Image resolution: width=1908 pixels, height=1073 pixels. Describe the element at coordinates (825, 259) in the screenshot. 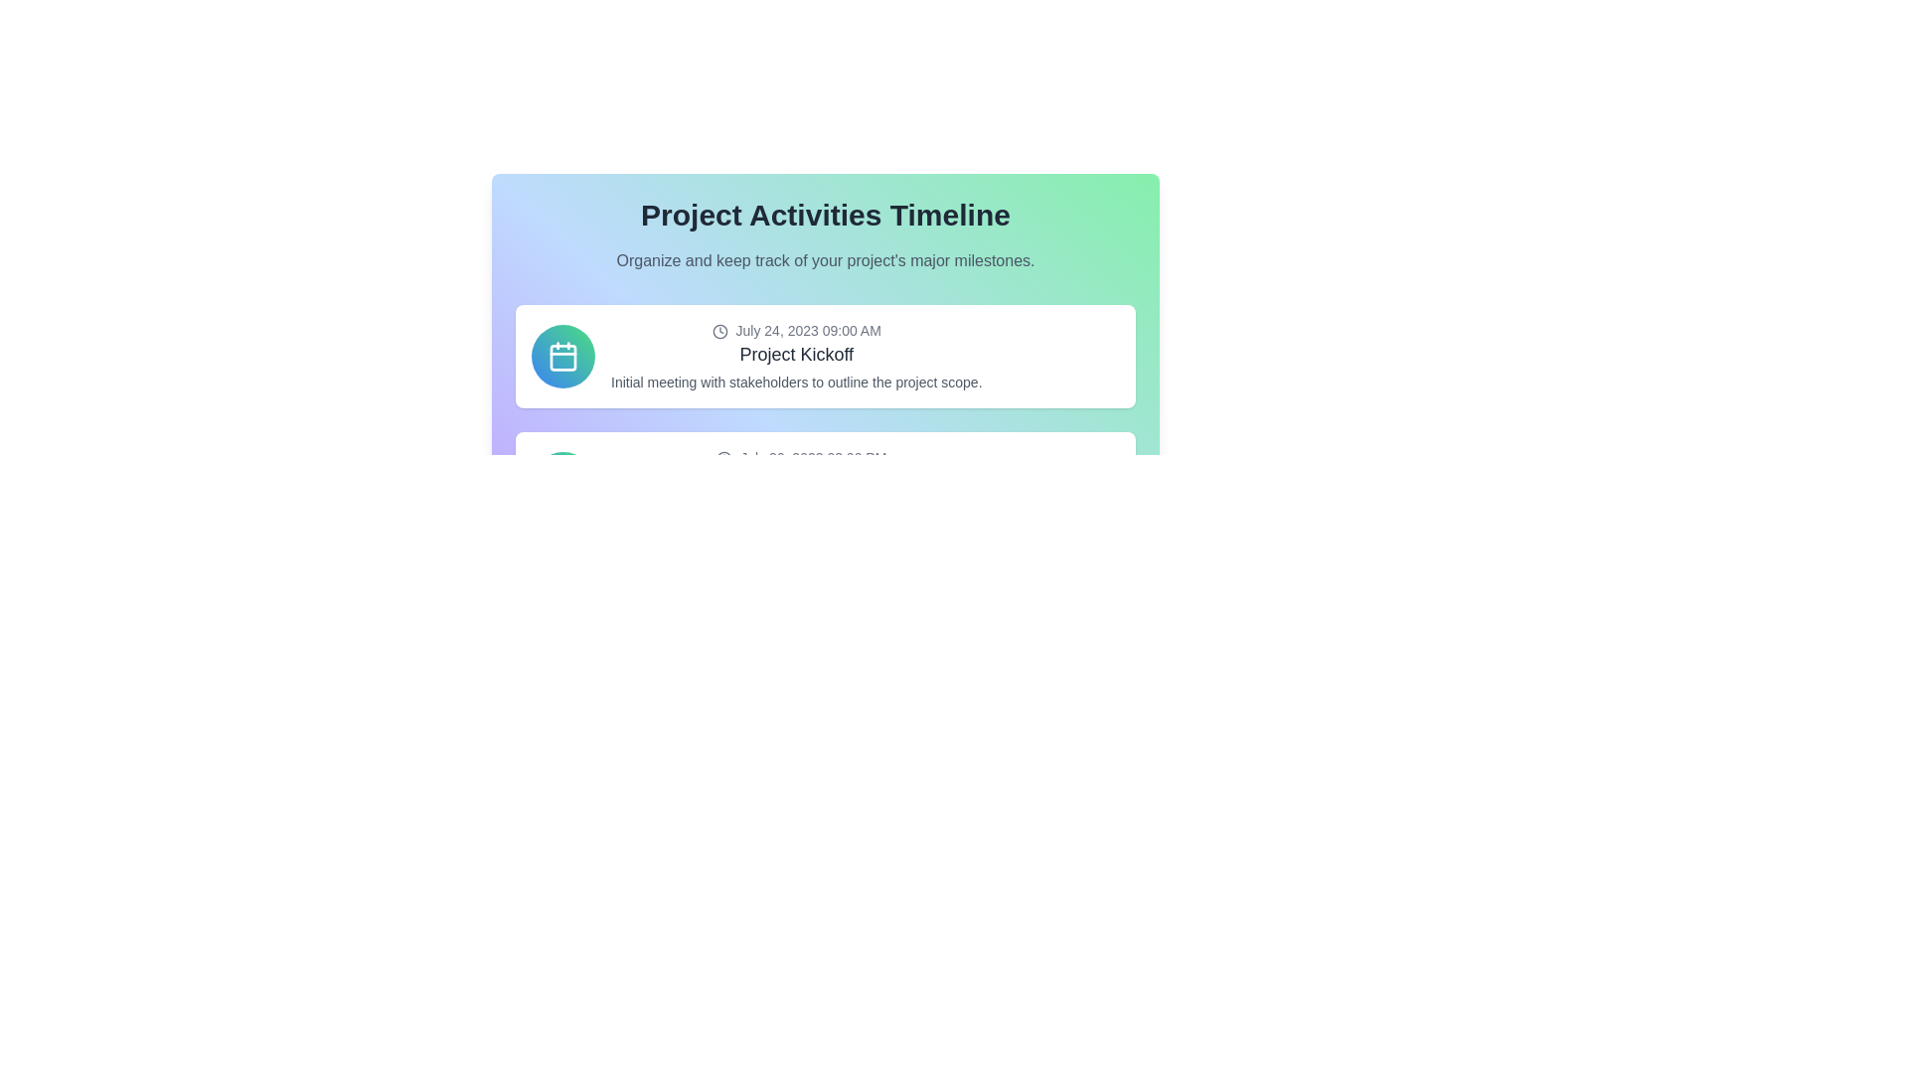

I see `the static text that provides additional context about the 'Project Activities Timeline', located below the heading` at that location.